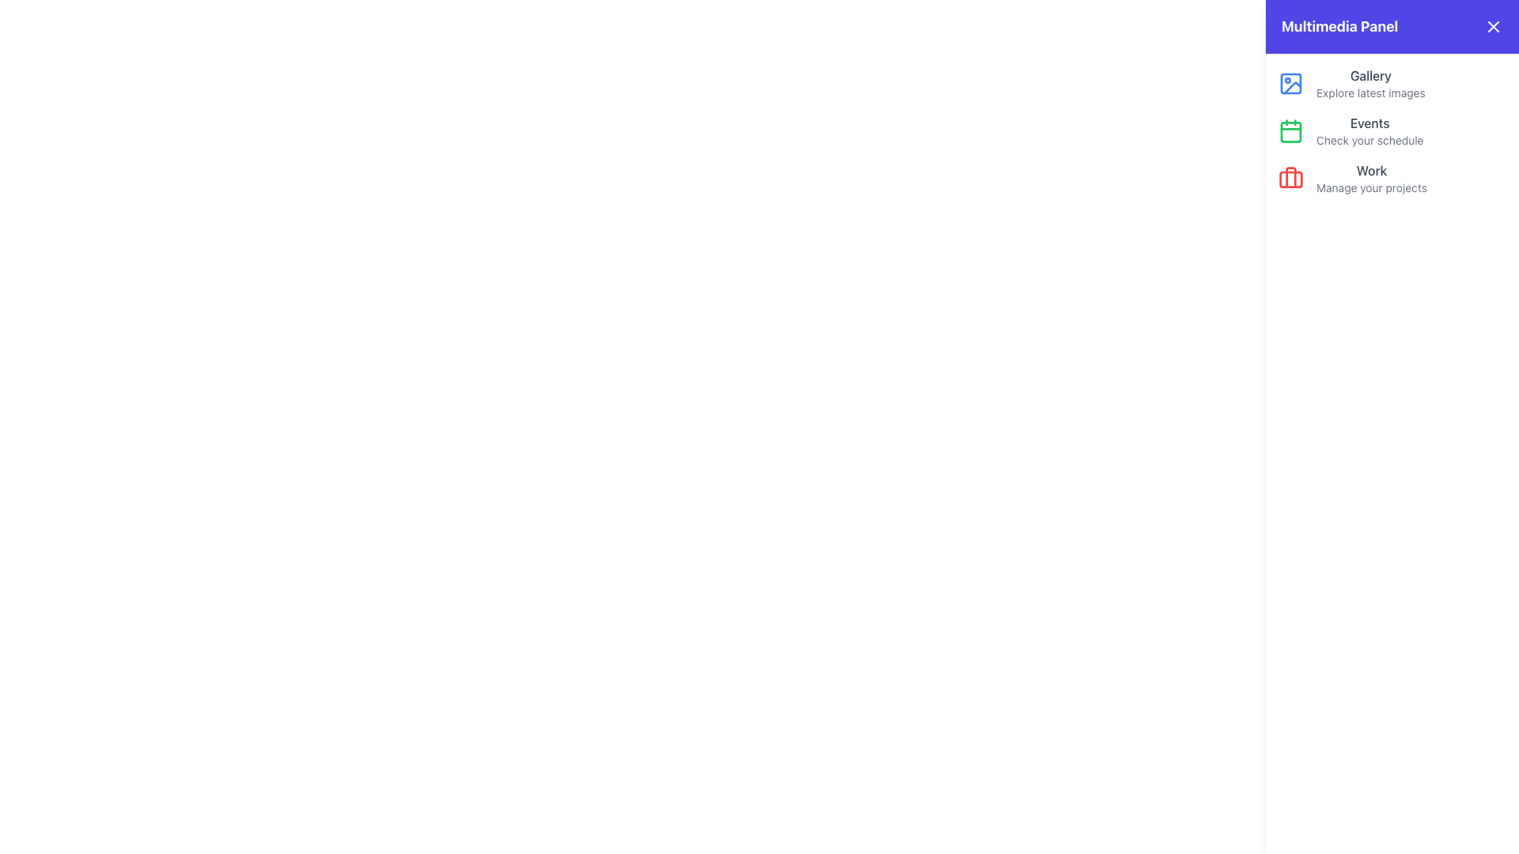 This screenshot has width=1519, height=854. I want to click on the 'Work' label element with the subtext 'Manage your projects' located, so click(1370, 178).